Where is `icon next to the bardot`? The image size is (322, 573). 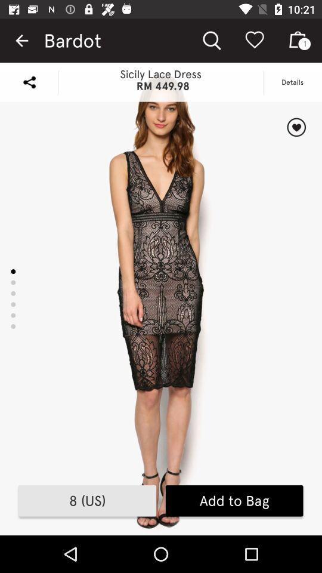 icon next to the bardot is located at coordinates (21, 41).